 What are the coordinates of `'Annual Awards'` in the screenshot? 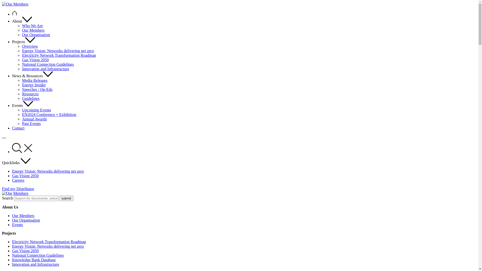 It's located at (34, 119).